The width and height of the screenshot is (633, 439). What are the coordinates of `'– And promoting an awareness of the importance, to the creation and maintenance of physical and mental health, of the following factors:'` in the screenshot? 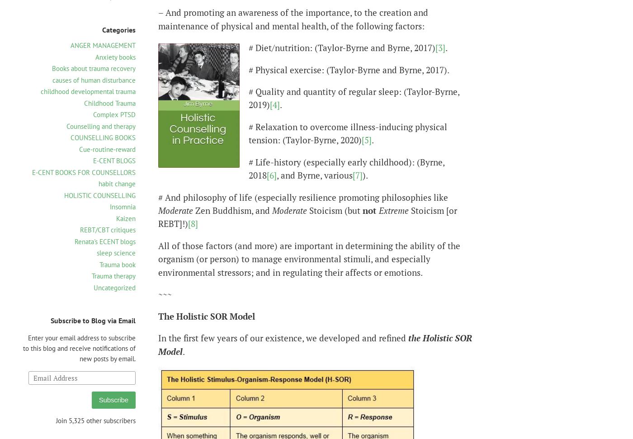 It's located at (293, 19).